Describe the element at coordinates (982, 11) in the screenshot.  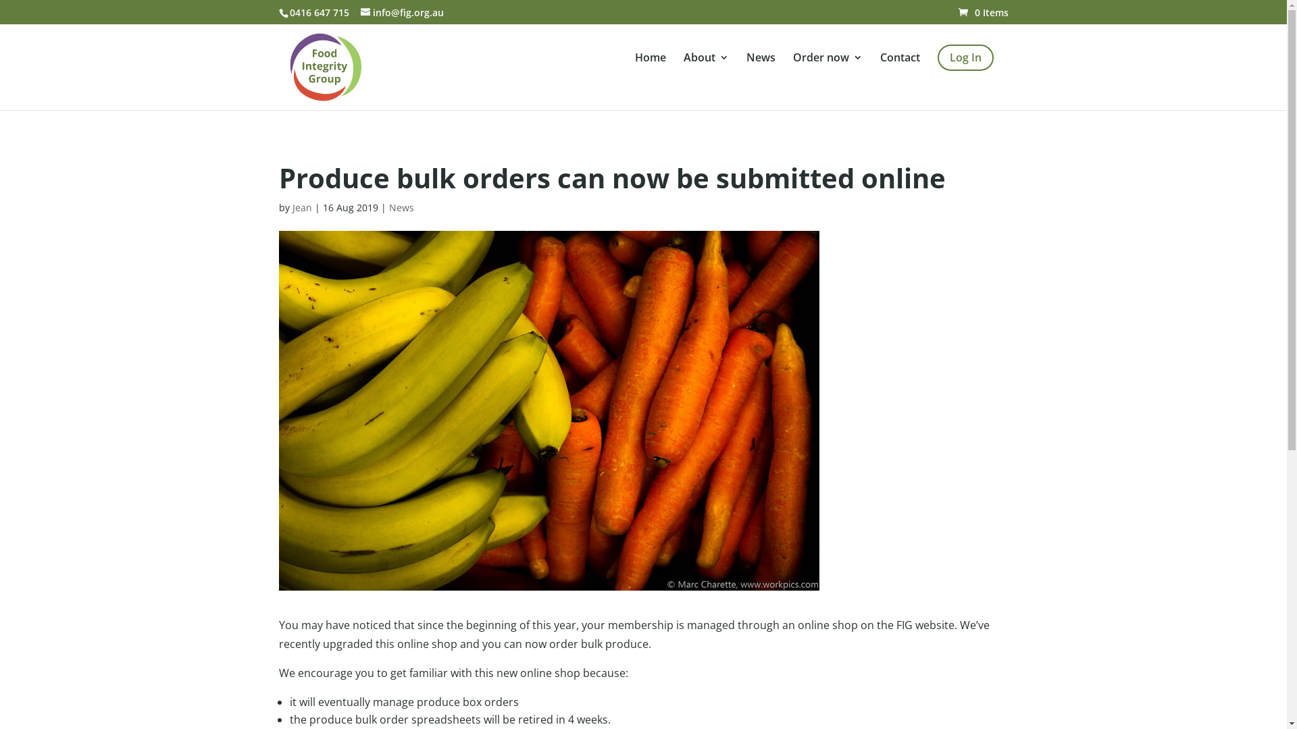
I see `'0 Items'` at that location.